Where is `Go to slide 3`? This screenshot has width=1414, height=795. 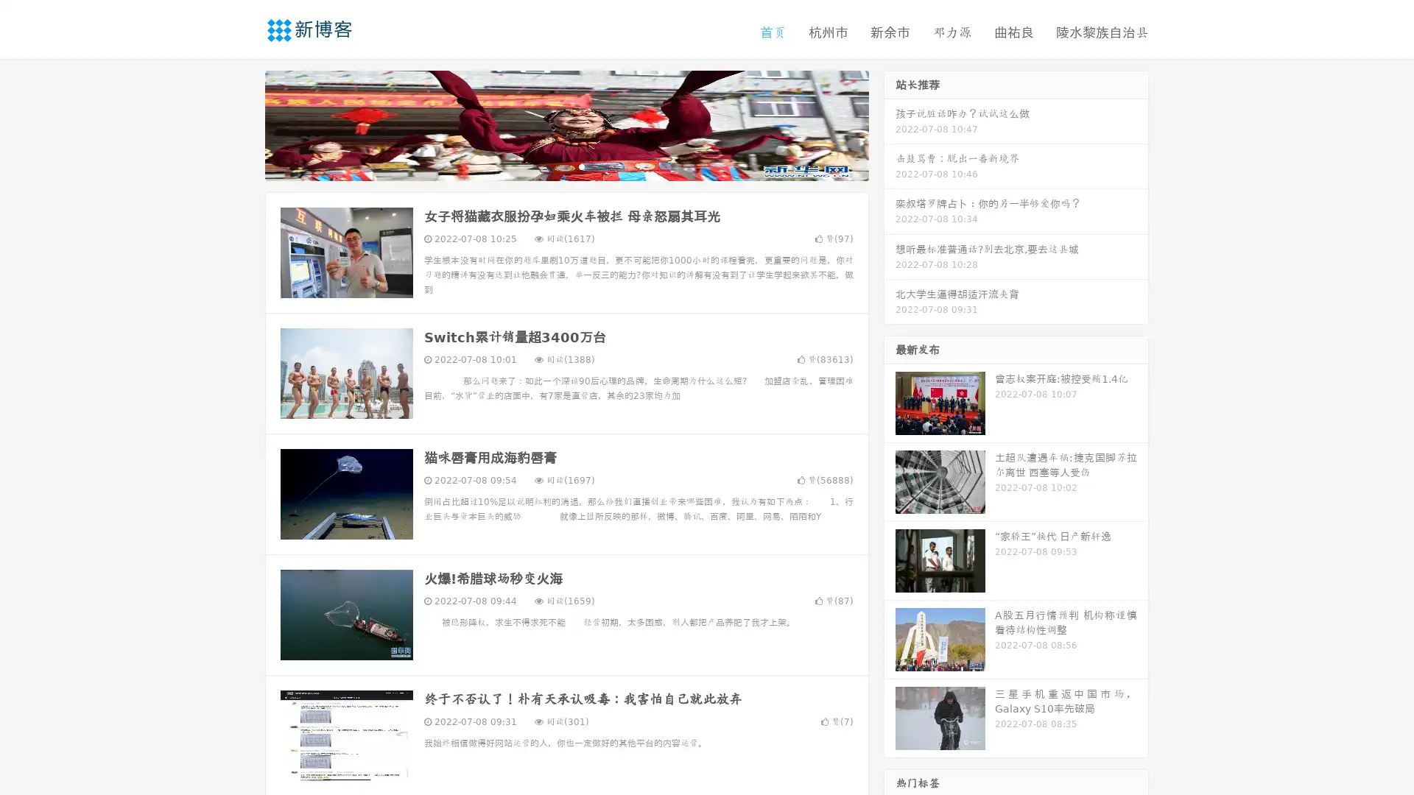
Go to slide 3 is located at coordinates (581, 166).